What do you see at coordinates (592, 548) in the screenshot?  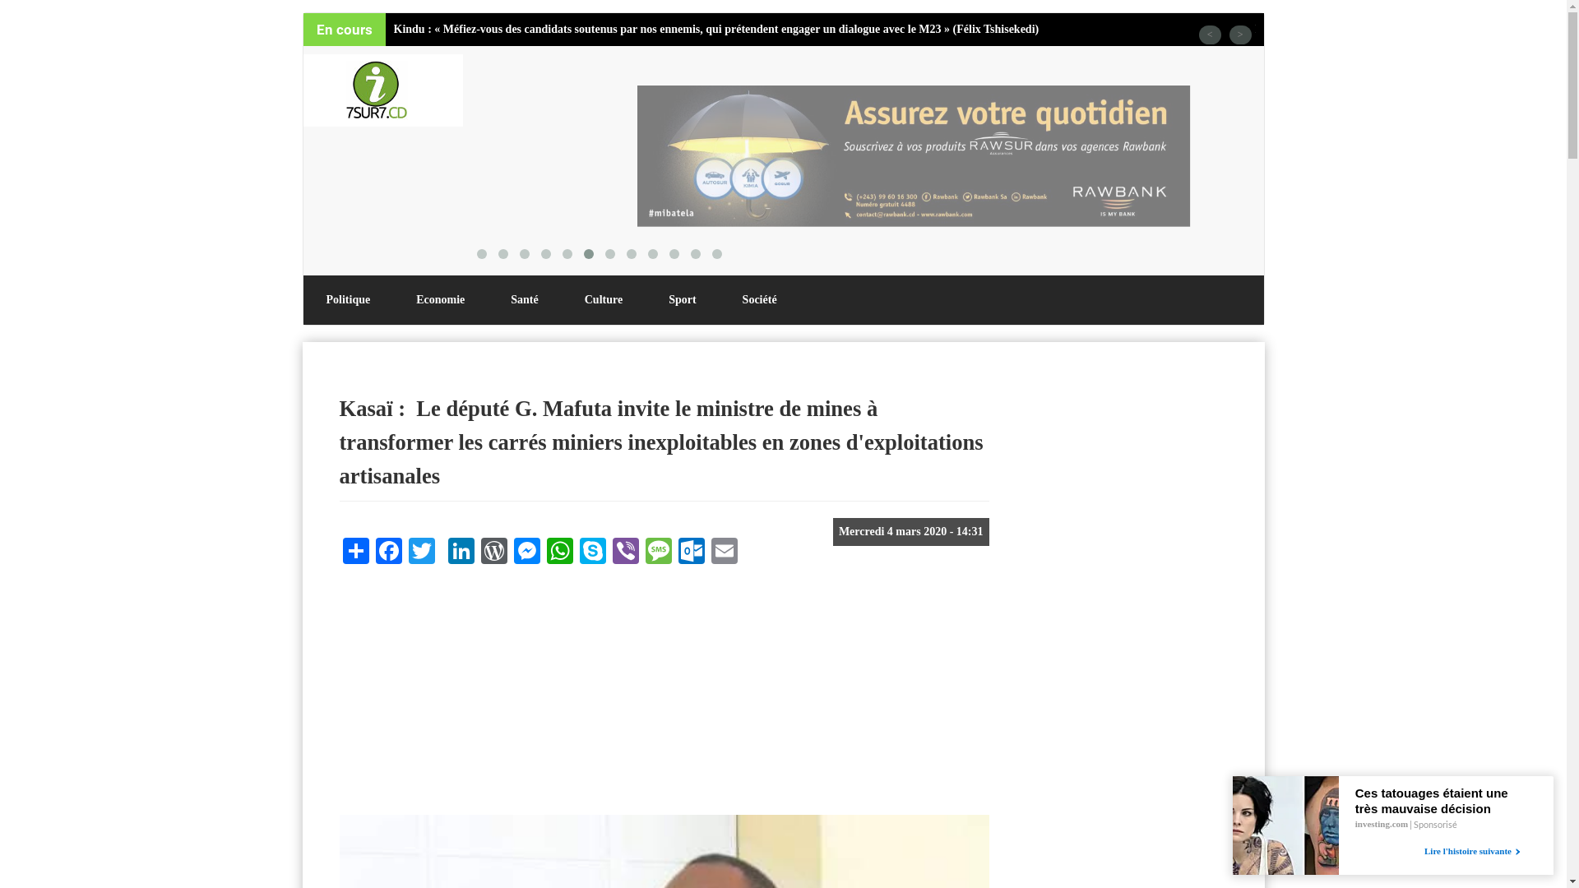 I see `'Skype'` at bounding box center [592, 548].